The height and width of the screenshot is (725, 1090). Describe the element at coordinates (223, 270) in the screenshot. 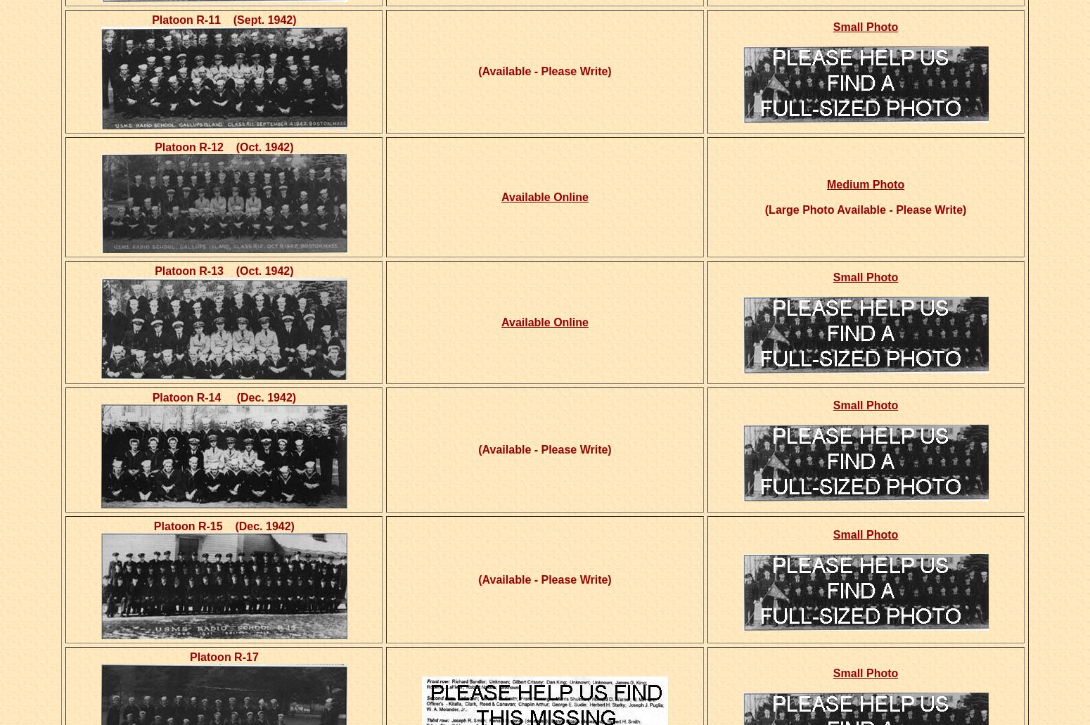

I see `'Platoon R-13    (Oct. 
                
                1942)'` at that location.